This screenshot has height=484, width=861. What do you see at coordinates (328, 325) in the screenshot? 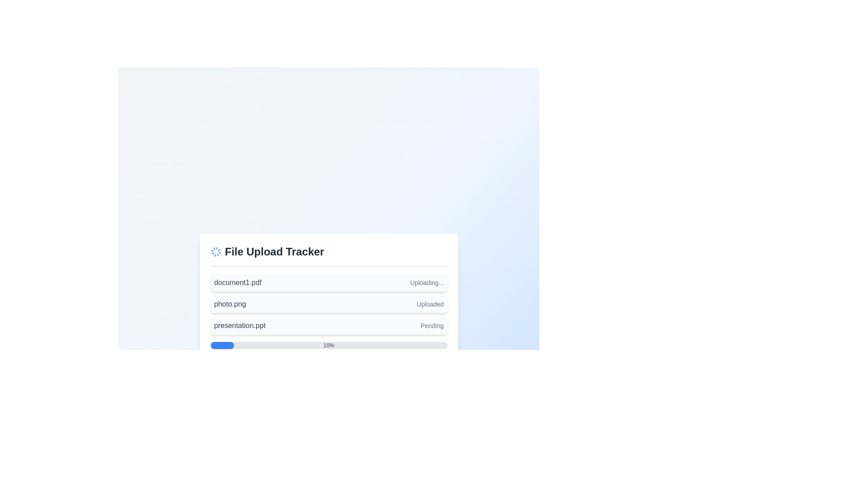
I see `the third list item in the 'File Upload Tracker' section, which displays the filename 'presentation.ppt' and a status of 'Pending'` at bounding box center [328, 325].